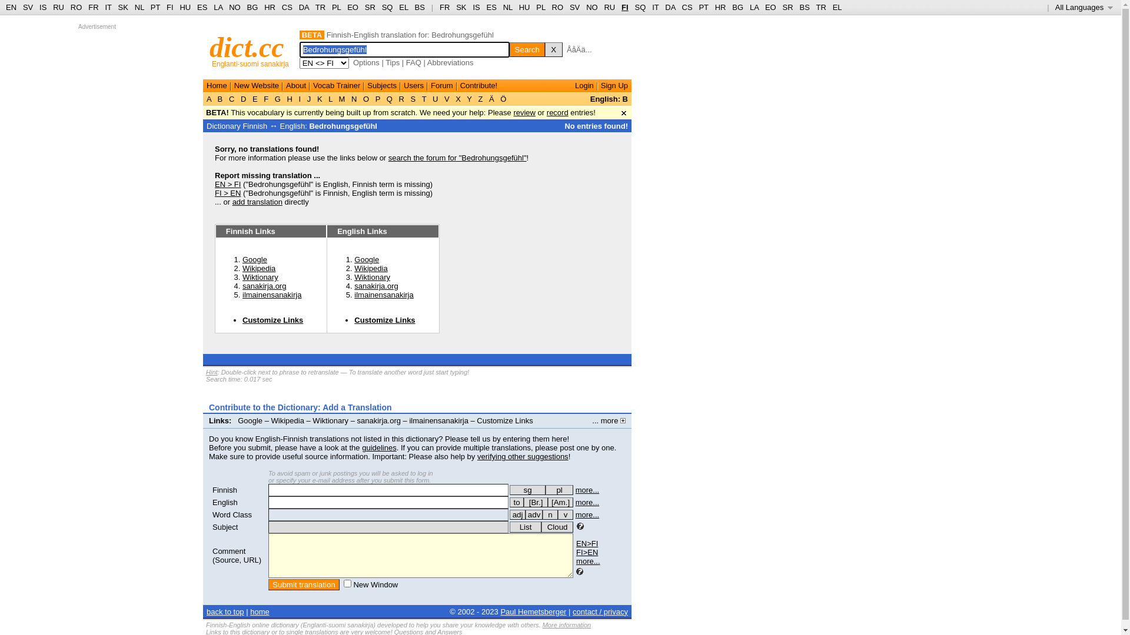  What do you see at coordinates (297, 98) in the screenshot?
I see `'I'` at bounding box center [297, 98].